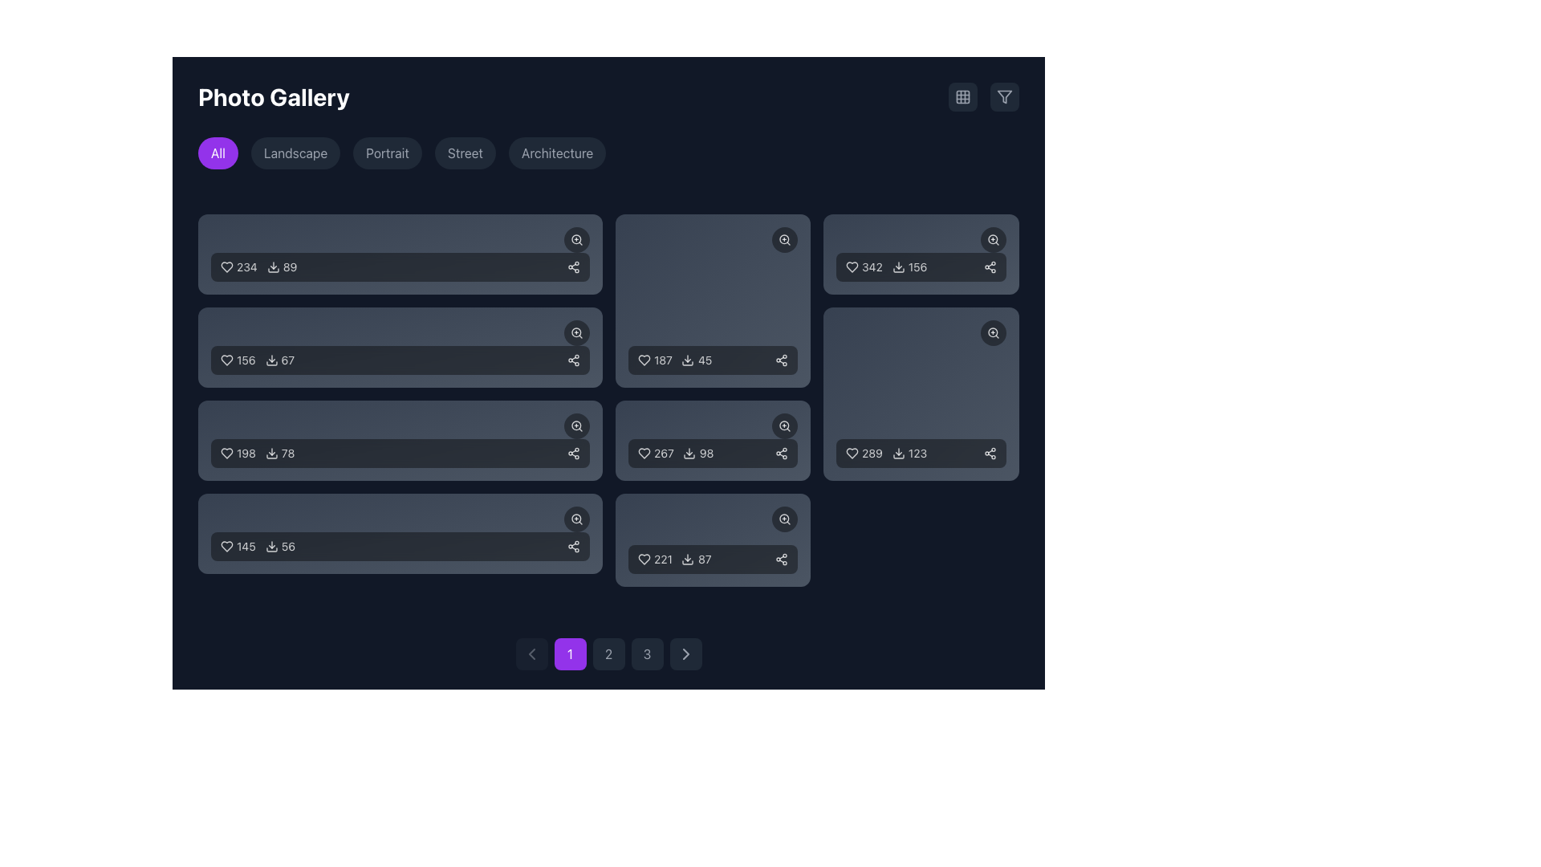 Image resolution: width=1541 pixels, height=867 pixels. What do you see at coordinates (644, 453) in the screenshot?
I see `the heart-shaped interactive icon in the lower-right quadrant of the interface to trigger tooltip or highlight effects` at bounding box center [644, 453].